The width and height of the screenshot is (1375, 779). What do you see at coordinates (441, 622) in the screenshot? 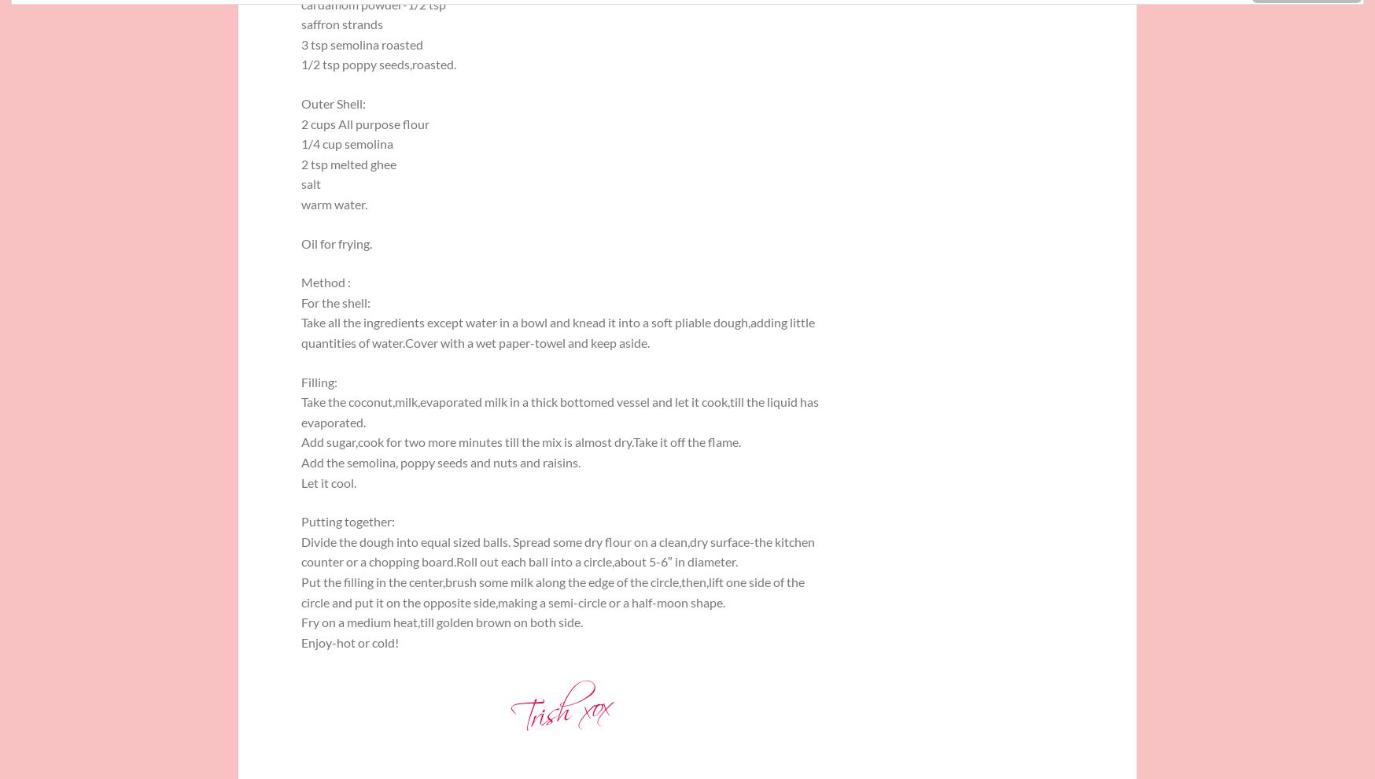
I see `'Fry on a medium heat,till golden brown on both side.'` at bounding box center [441, 622].